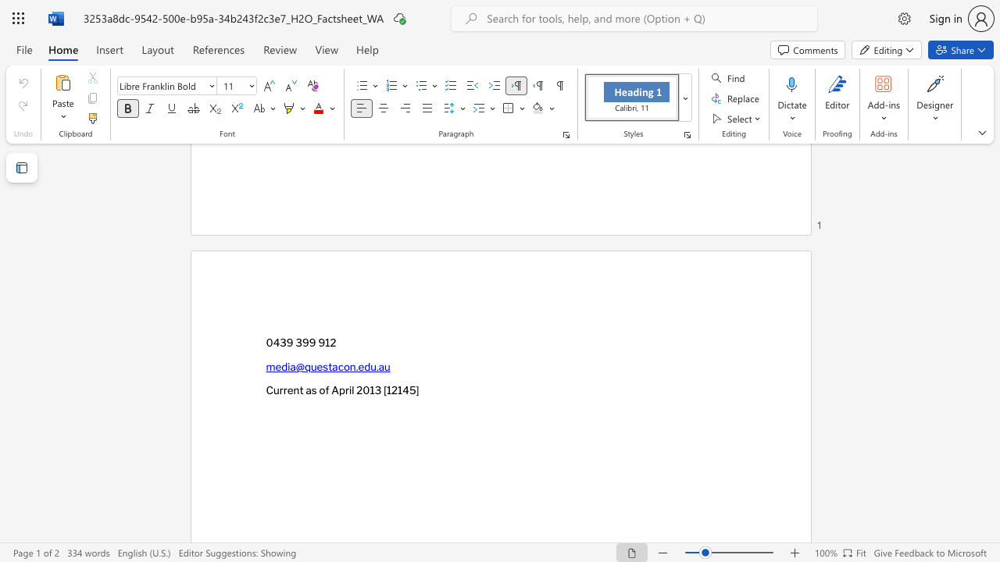 The image size is (1000, 562). What do you see at coordinates (310, 366) in the screenshot?
I see `the subset text "uestacon.edu.au" within the text "media@questacon.edu.au"` at bounding box center [310, 366].